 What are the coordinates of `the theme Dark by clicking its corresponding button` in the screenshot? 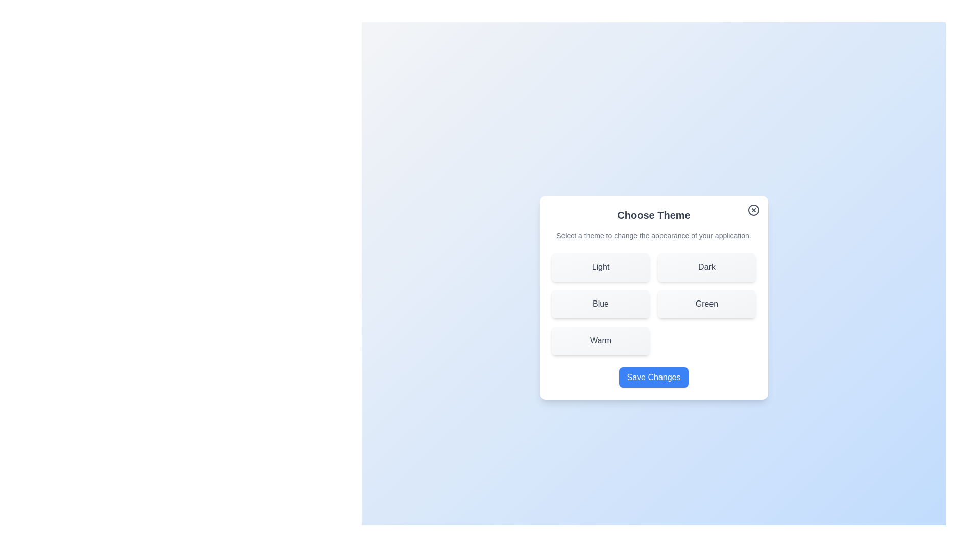 It's located at (706, 267).